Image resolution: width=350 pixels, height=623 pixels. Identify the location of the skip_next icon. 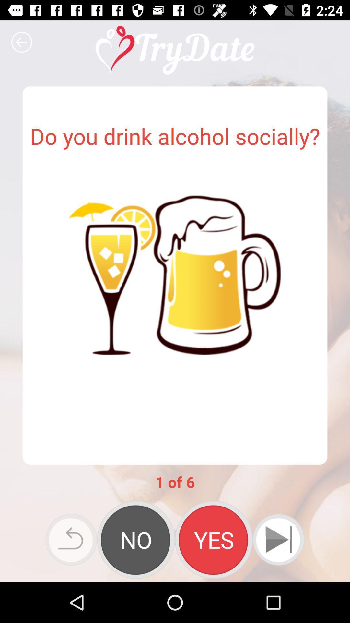
(278, 540).